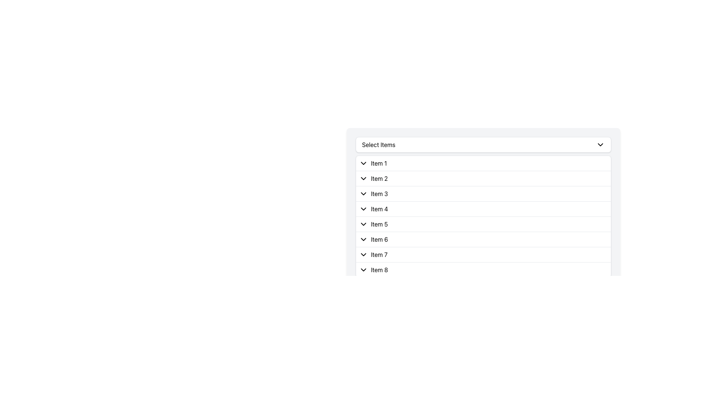 This screenshot has width=713, height=401. Describe the element at coordinates (364, 270) in the screenshot. I see `the chevron-down icon indicating dropdown functionality for 'Item 8'` at that location.